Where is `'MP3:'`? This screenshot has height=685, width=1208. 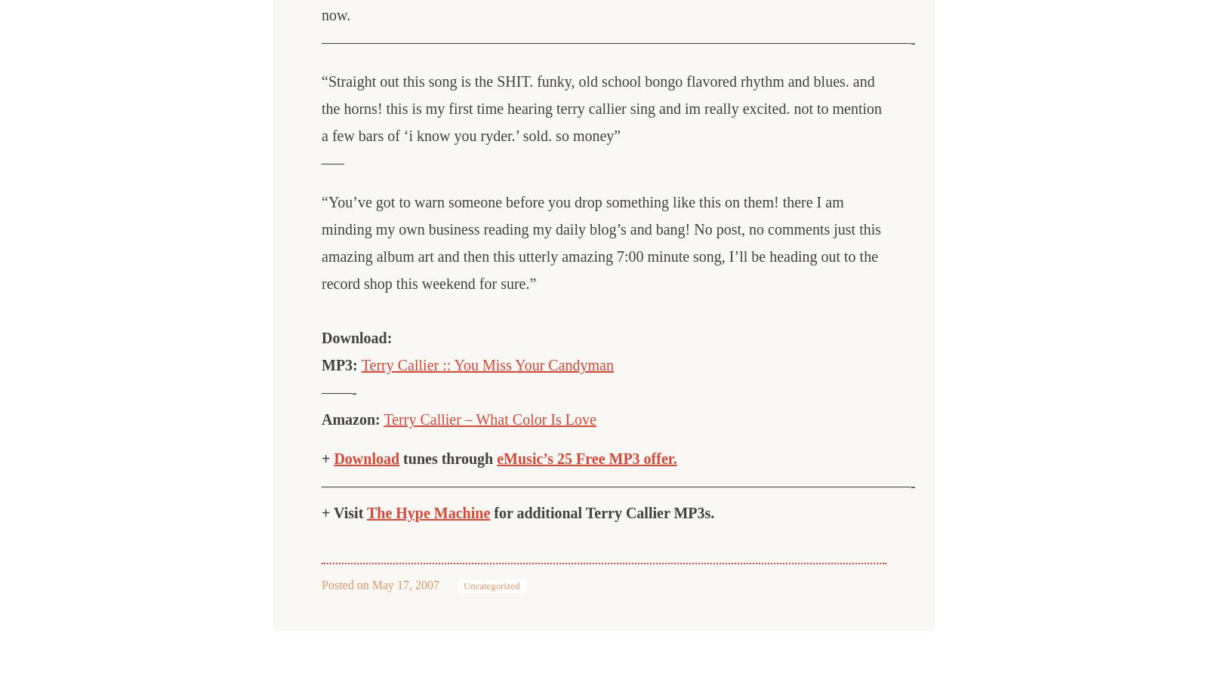
'MP3:' is located at coordinates (320, 364).